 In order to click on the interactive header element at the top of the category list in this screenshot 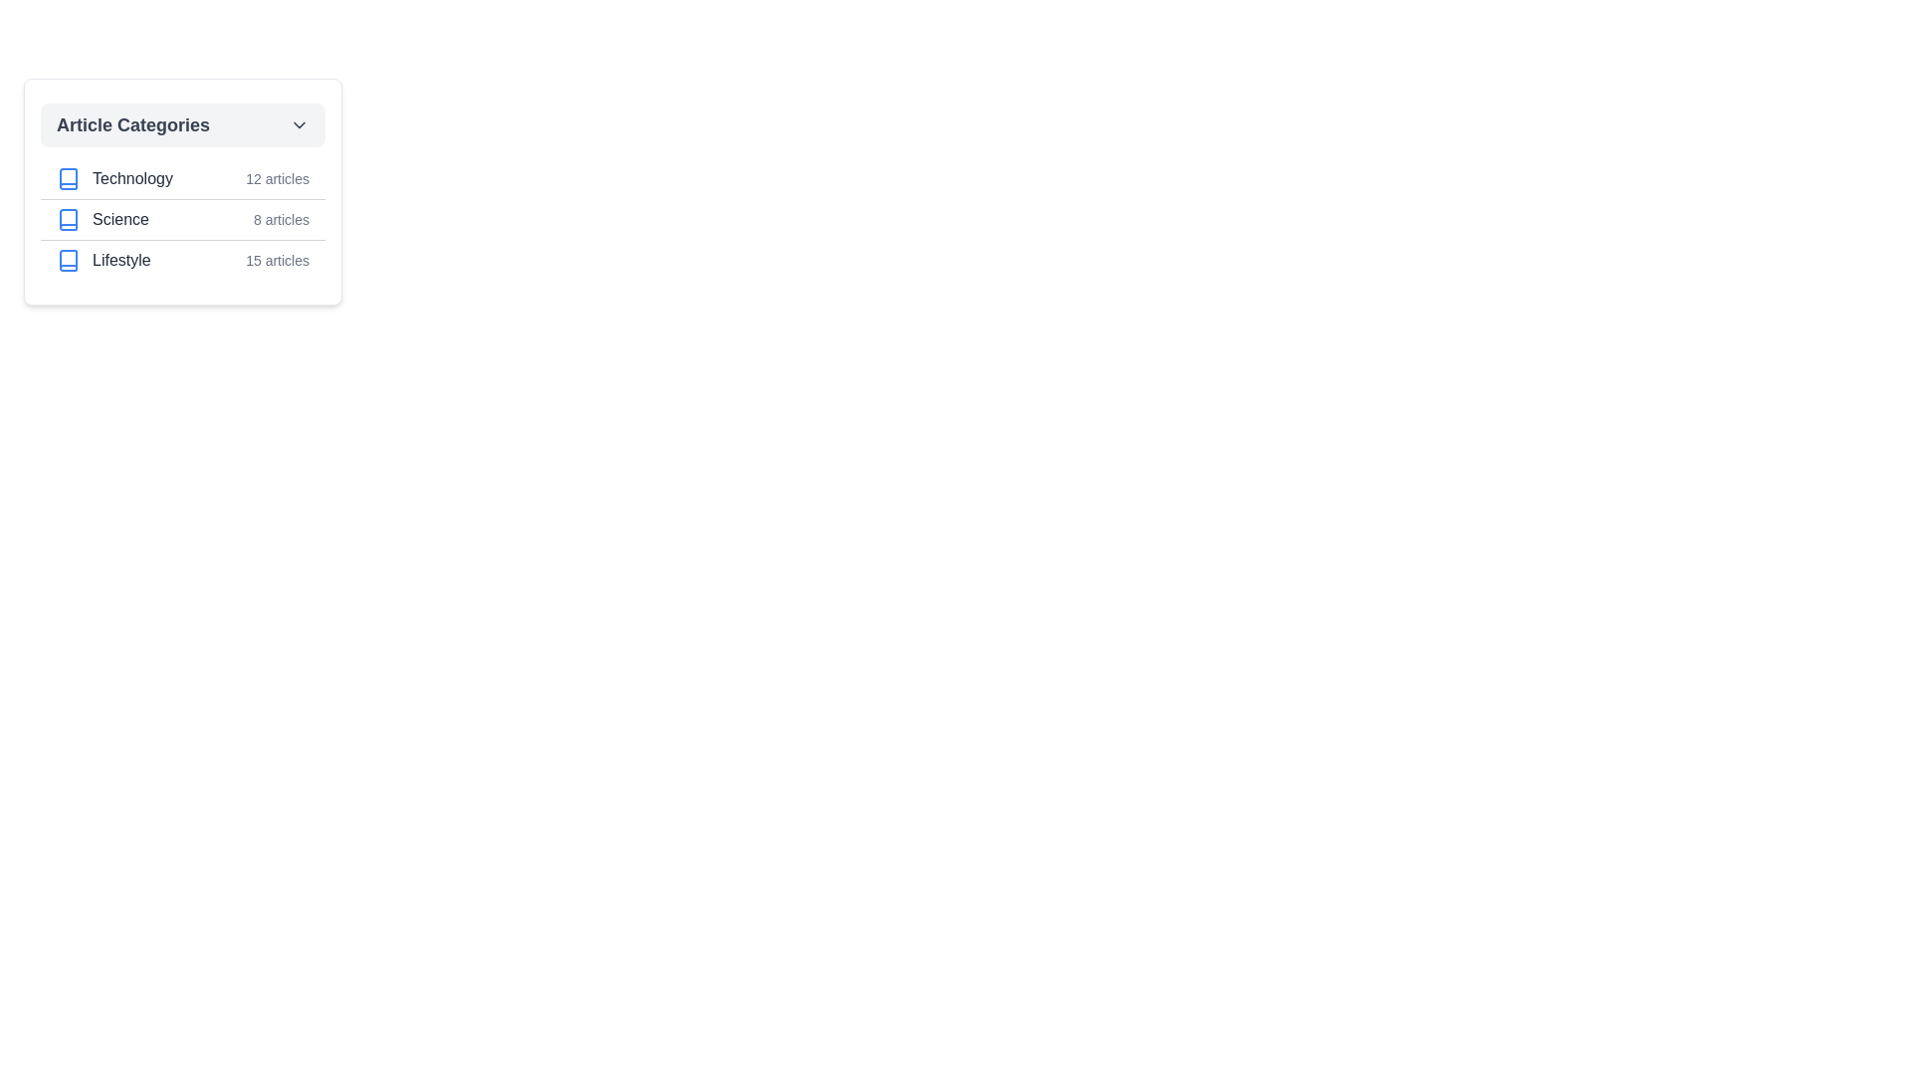, I will do `click(182, 125)`.